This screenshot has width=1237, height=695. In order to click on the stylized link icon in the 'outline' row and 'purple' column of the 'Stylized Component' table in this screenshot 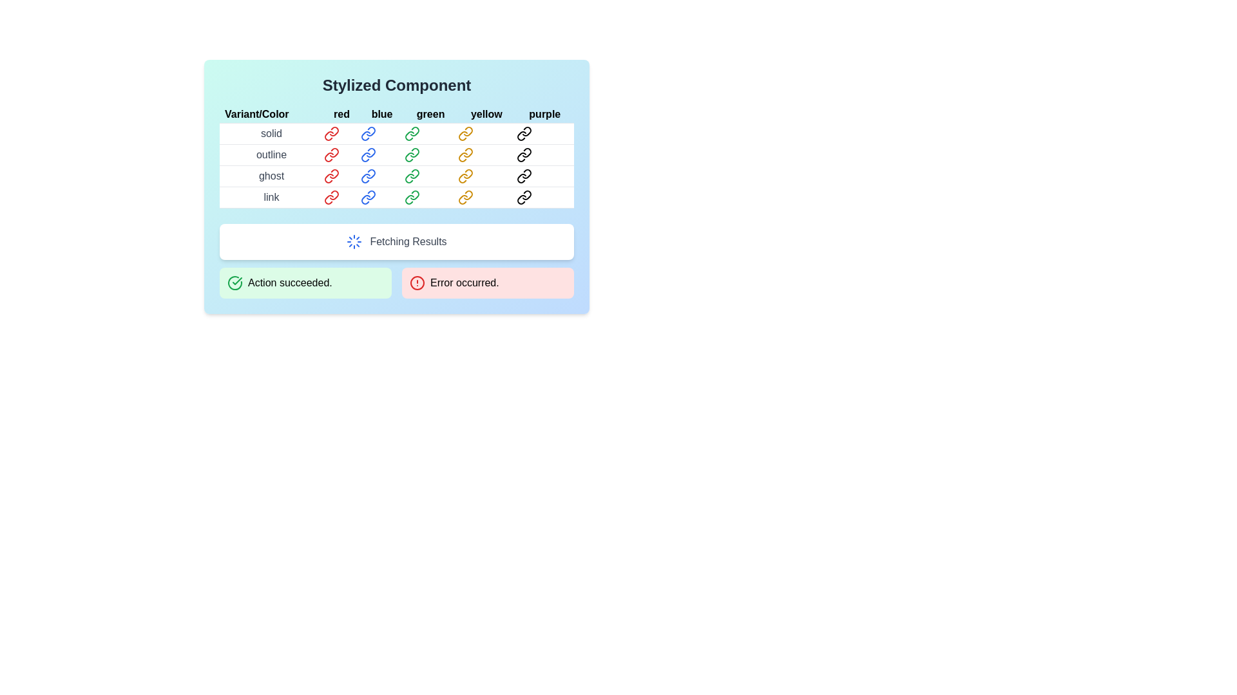, I will do `click(524, 154)`.